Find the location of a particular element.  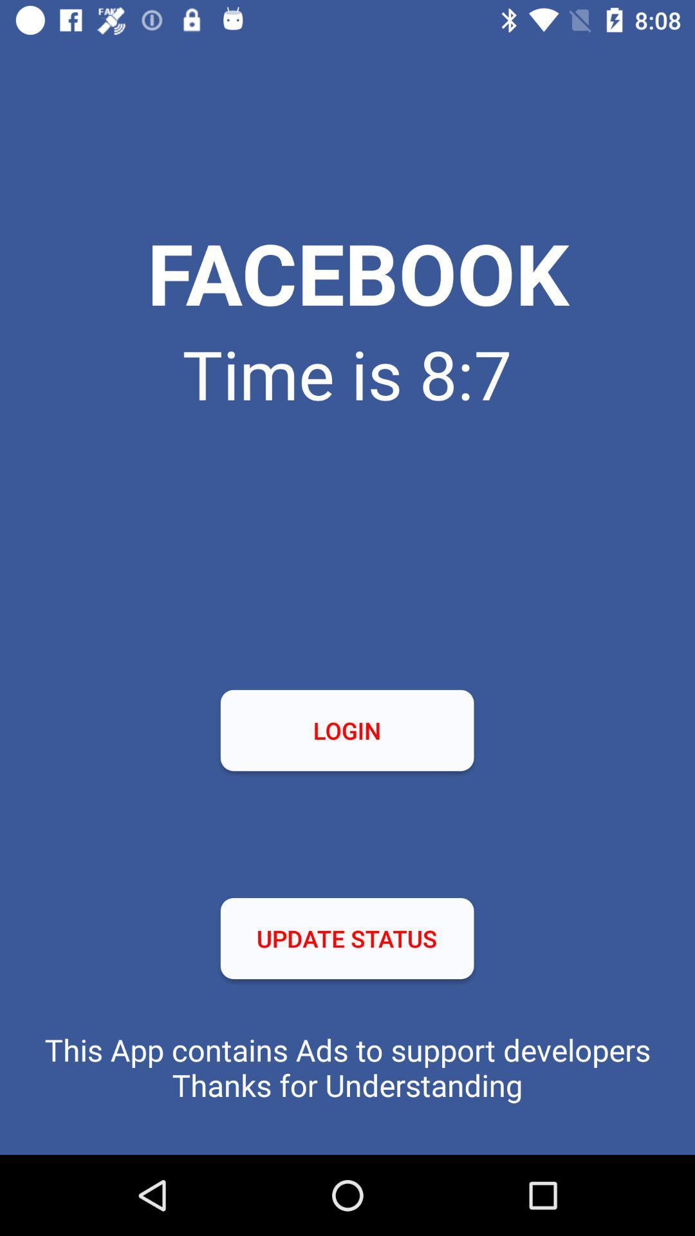

the icon at the center is located at coordinates (346, 730).